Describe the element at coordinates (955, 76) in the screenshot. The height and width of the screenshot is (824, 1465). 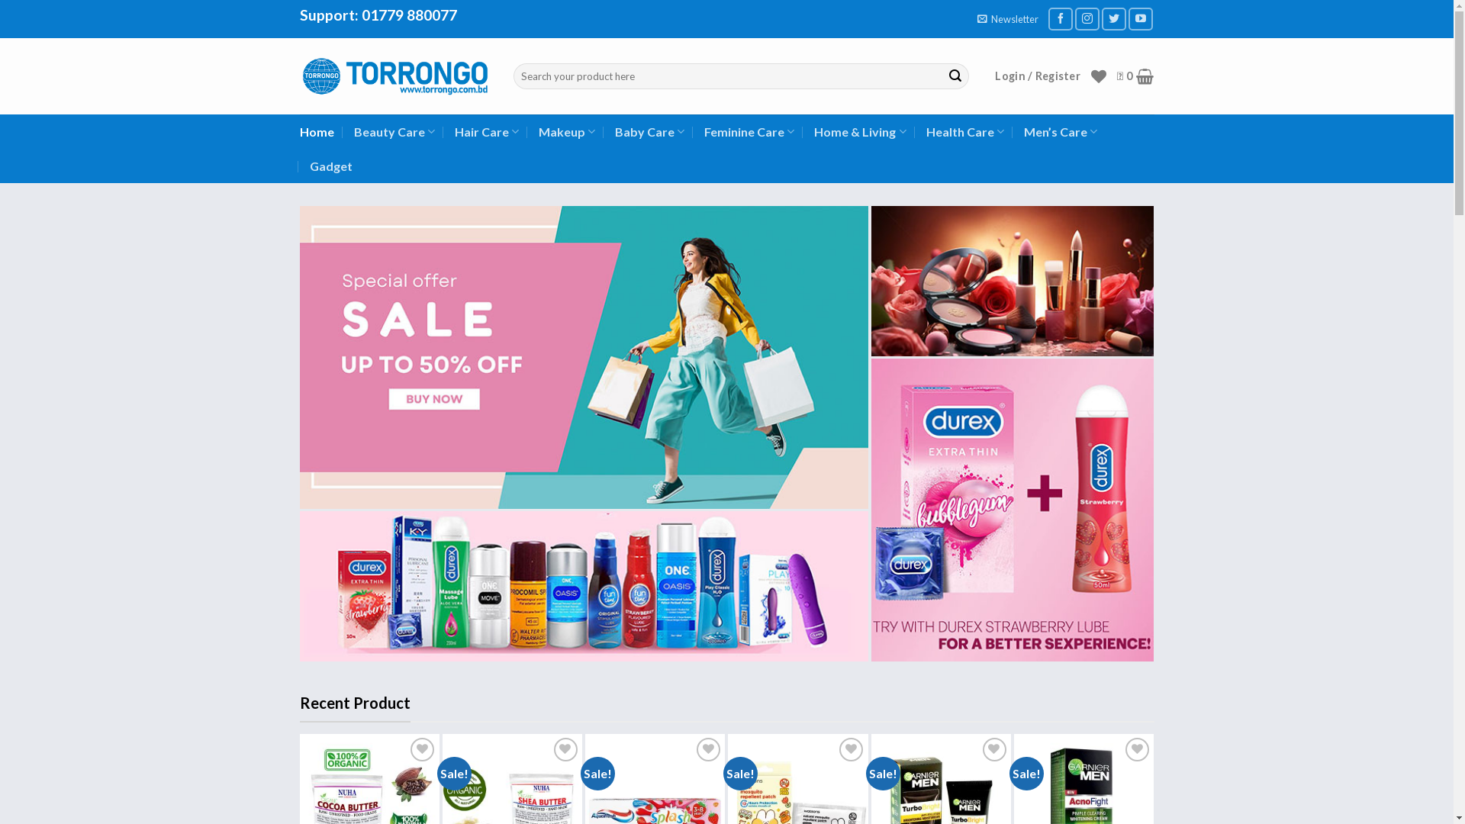
I see `'Search'` at that location.